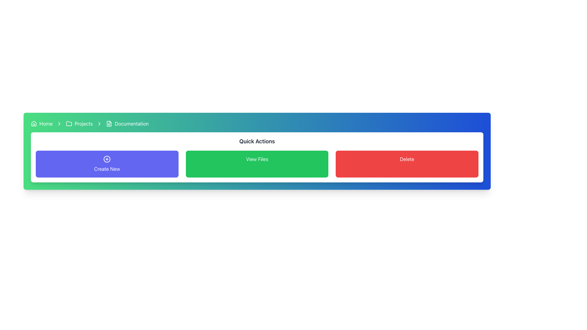 The height and width of the screenshot is (330, 587). I want to click on the circular plus icon located at the top center of the 'Create New' button, which is the first button in the 'Quick Actions' section, so click(107, 159).